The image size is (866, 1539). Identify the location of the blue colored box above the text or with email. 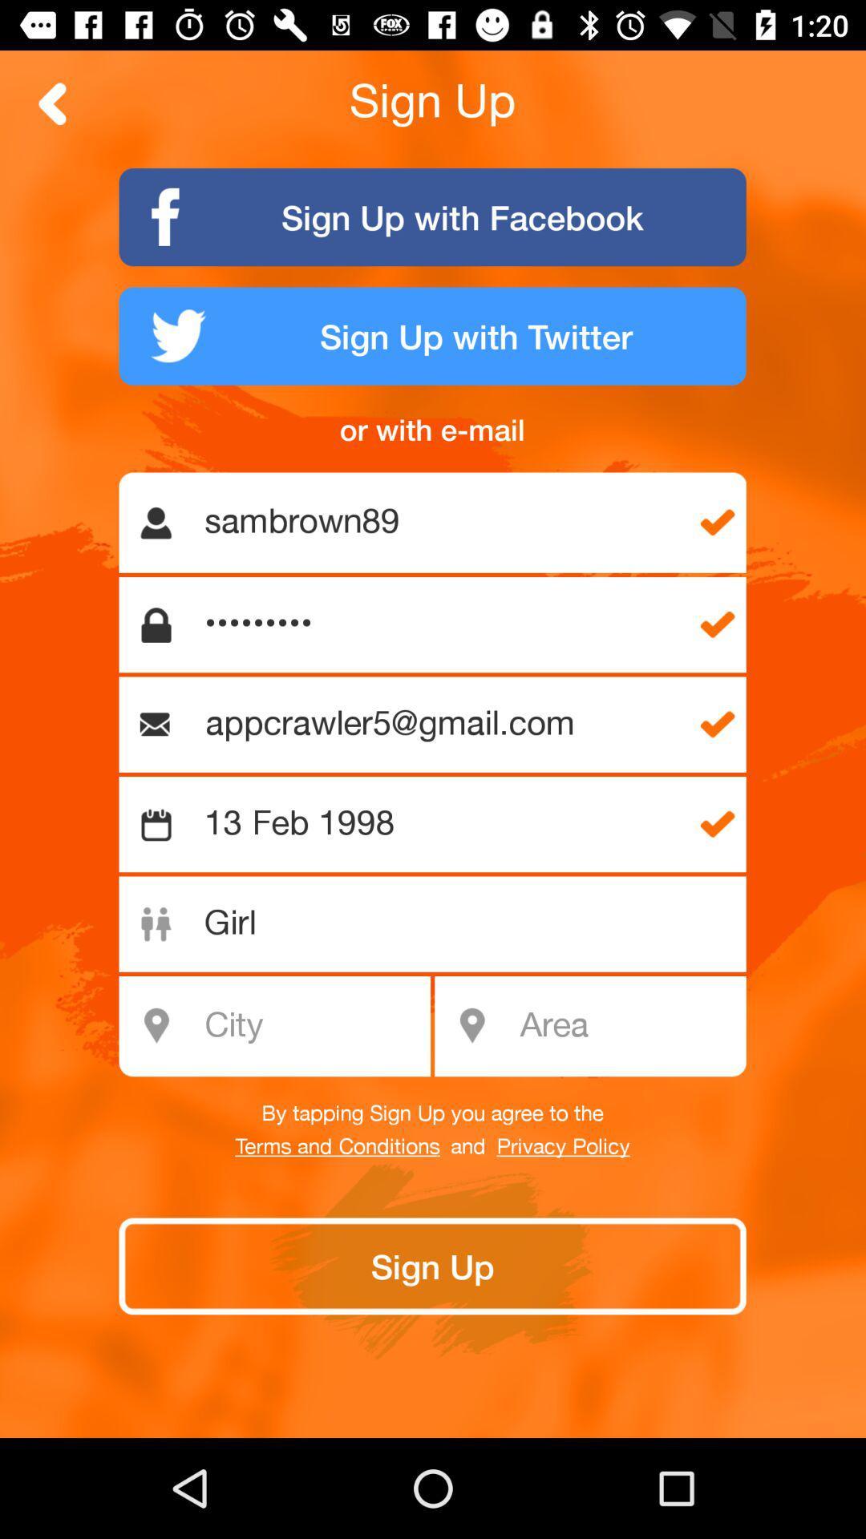
(433, 335).